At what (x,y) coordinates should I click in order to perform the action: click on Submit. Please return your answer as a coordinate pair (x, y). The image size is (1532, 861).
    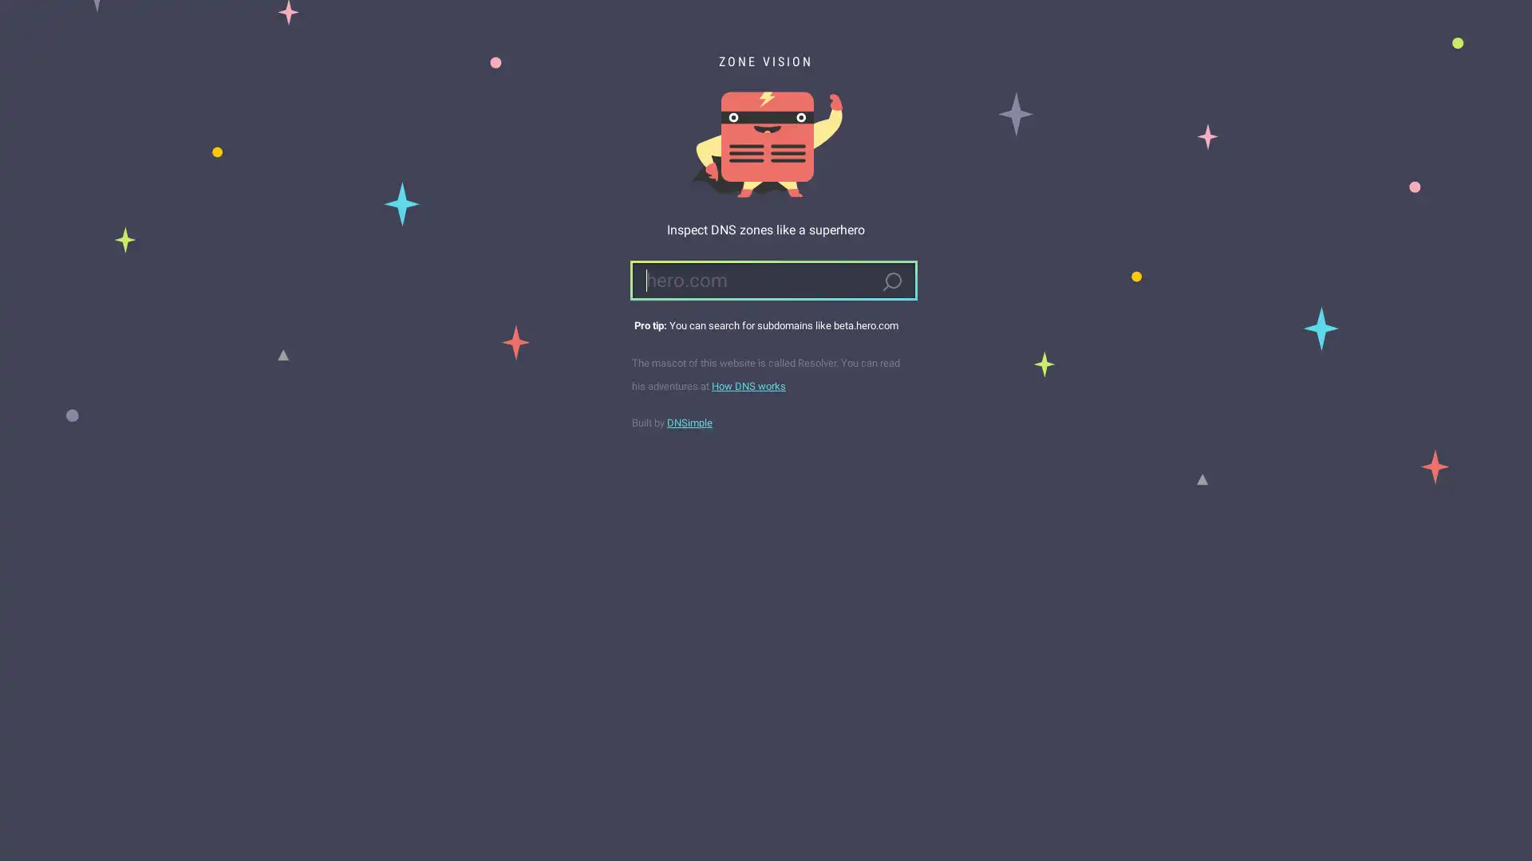
    Looking at the image, I should click on (890, 281).